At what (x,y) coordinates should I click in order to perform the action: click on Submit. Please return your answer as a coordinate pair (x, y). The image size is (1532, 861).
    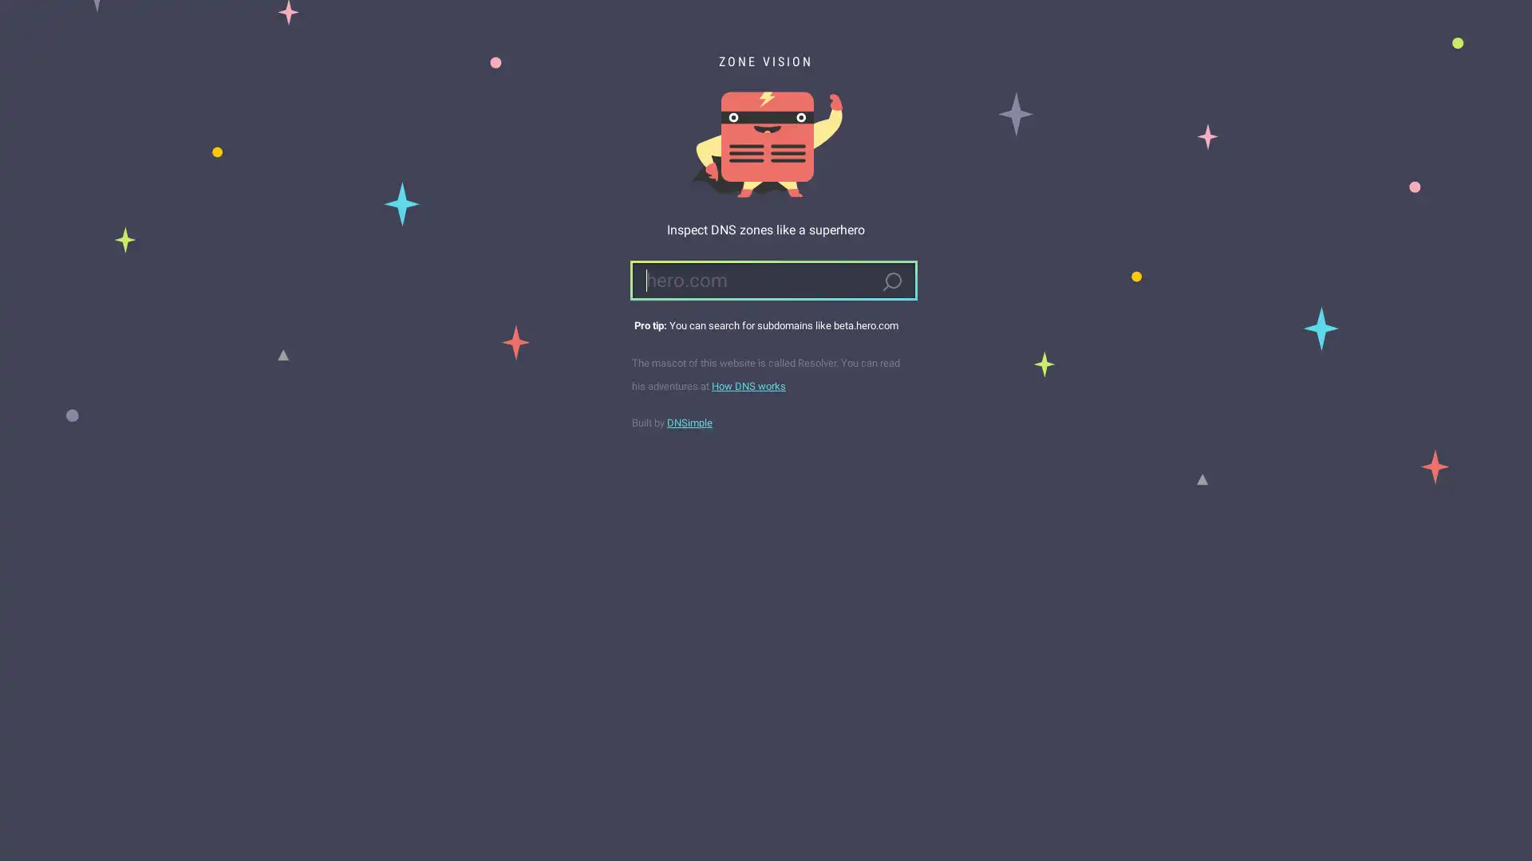
    Looking at the image, I should click on (890, 281).